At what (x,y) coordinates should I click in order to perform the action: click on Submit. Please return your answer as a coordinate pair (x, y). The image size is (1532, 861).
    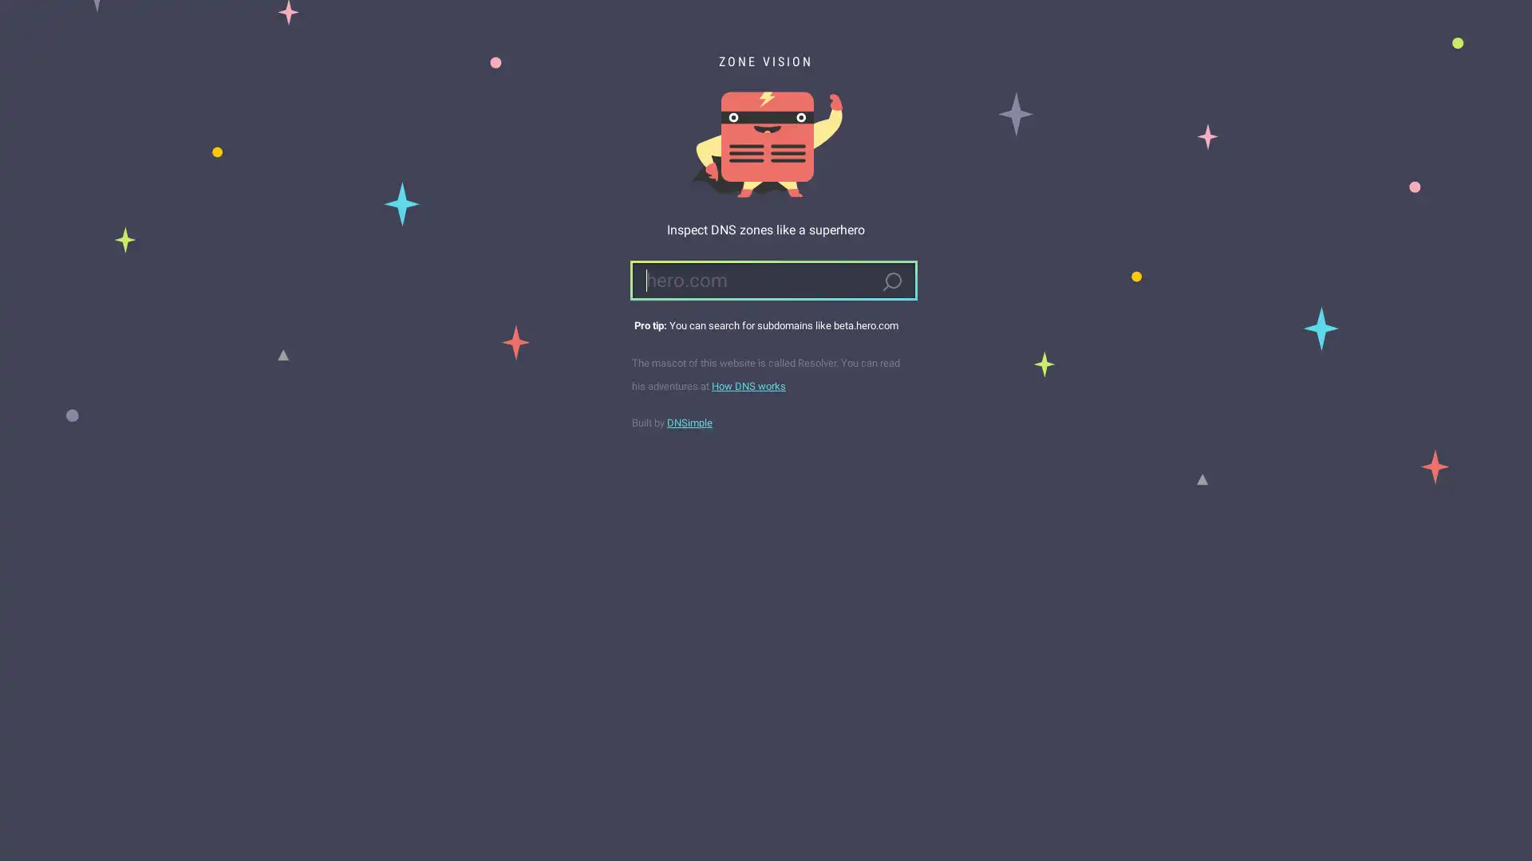
    Looking at the image, I should click on (890, 281).